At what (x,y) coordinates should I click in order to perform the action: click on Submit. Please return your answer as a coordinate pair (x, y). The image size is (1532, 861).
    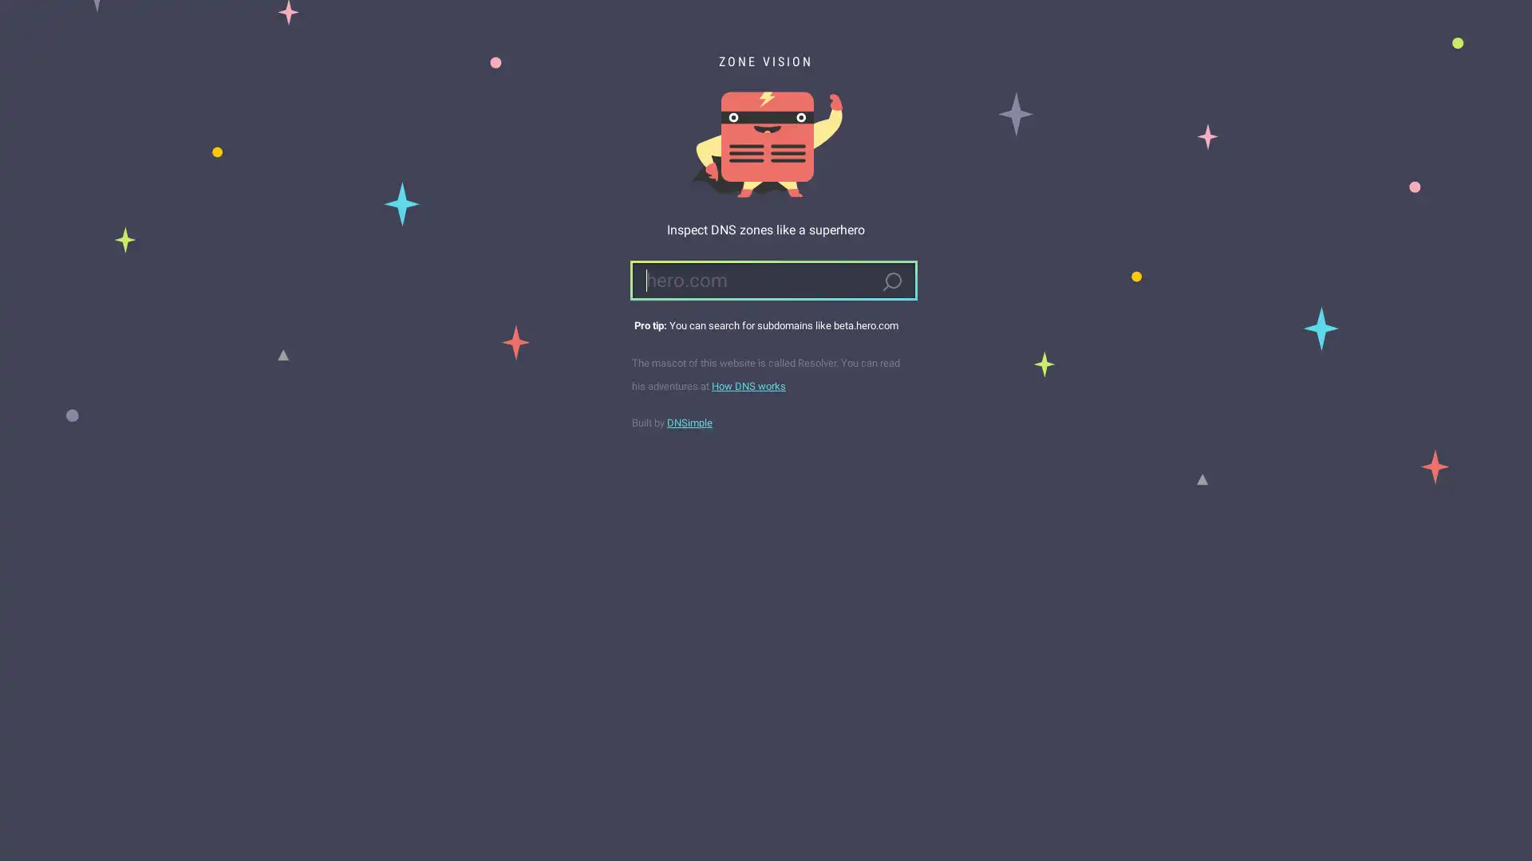
    Looking at the image, I should click on (890, 281).